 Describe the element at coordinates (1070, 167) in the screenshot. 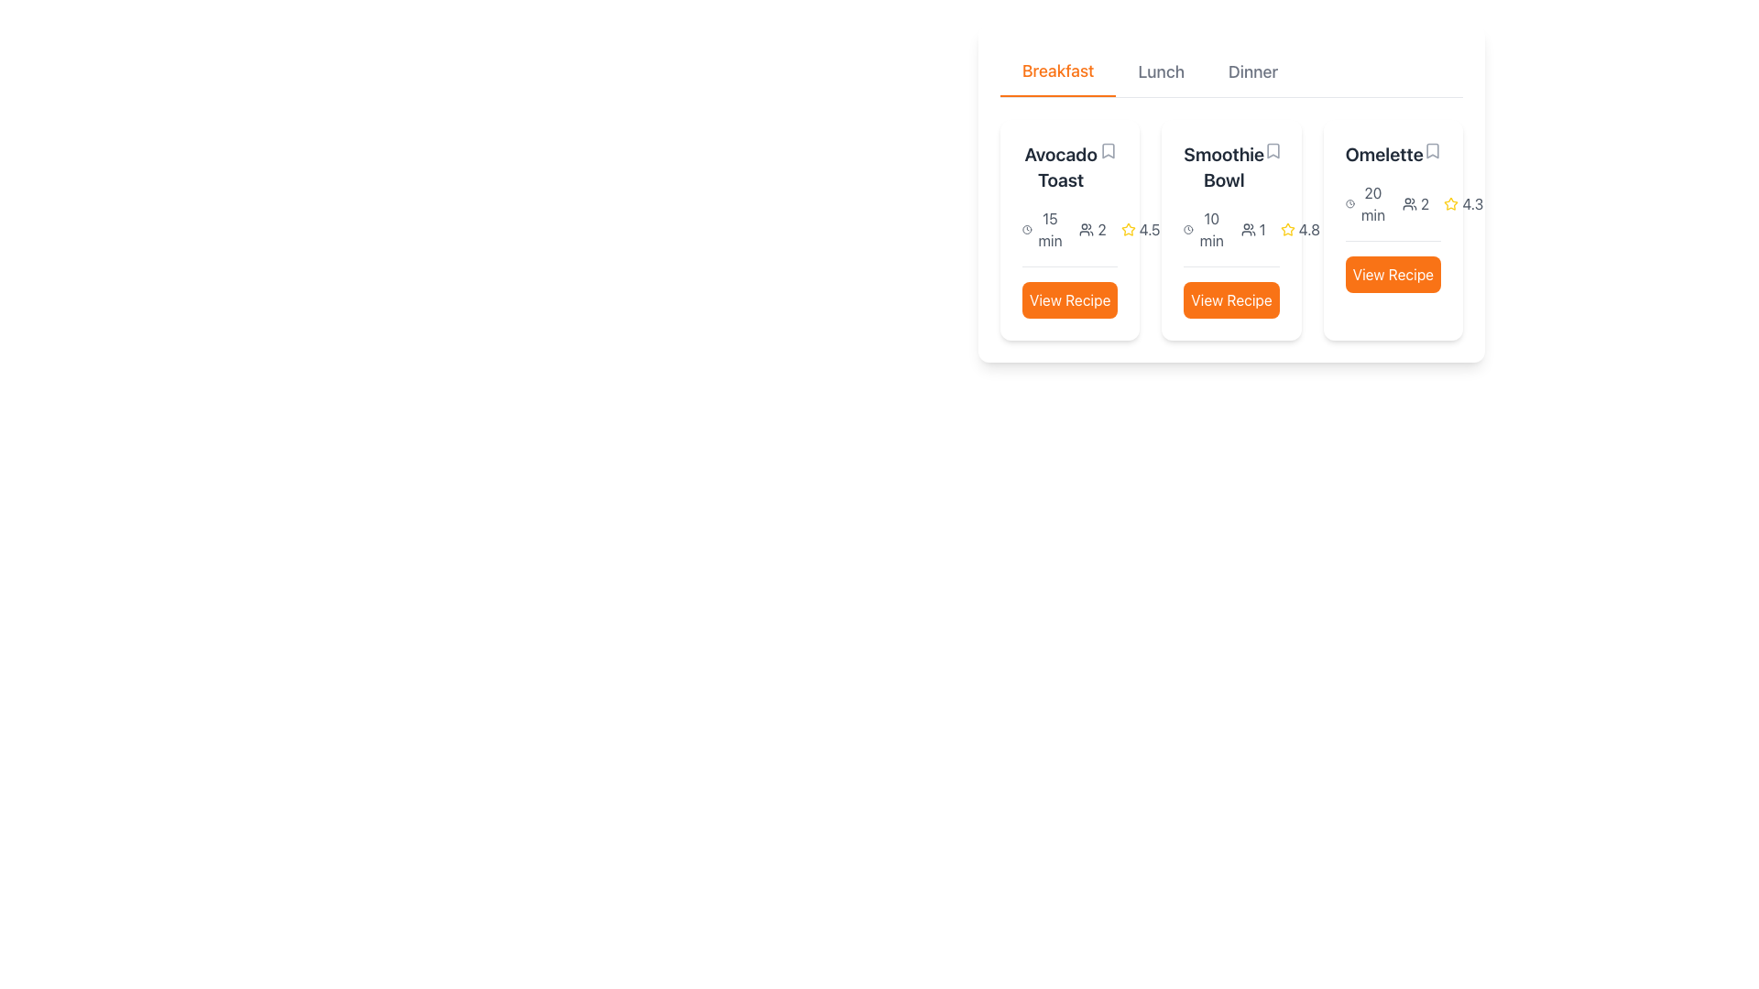

I see `the 'Avocado Toast' text label at the top of the first card under the 'Breakfast' tab` at that location.